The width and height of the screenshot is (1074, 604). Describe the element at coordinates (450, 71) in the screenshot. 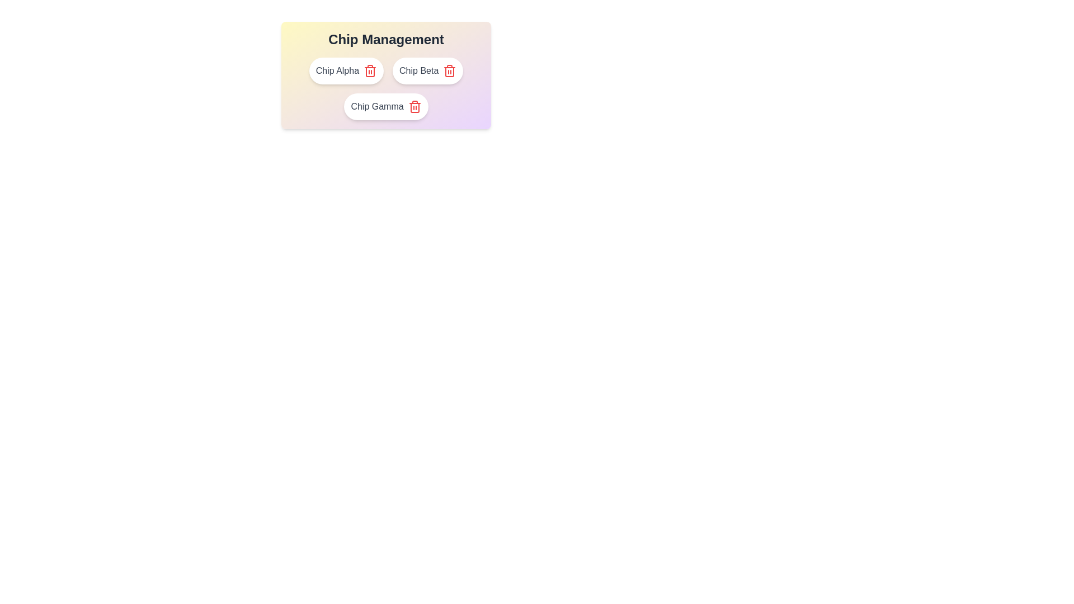

I see `delete button on the chip labeled Chip Beta` at that location.